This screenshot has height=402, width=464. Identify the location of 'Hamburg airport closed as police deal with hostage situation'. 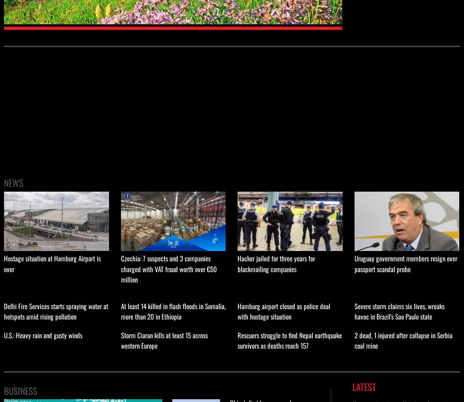
(284, 311).